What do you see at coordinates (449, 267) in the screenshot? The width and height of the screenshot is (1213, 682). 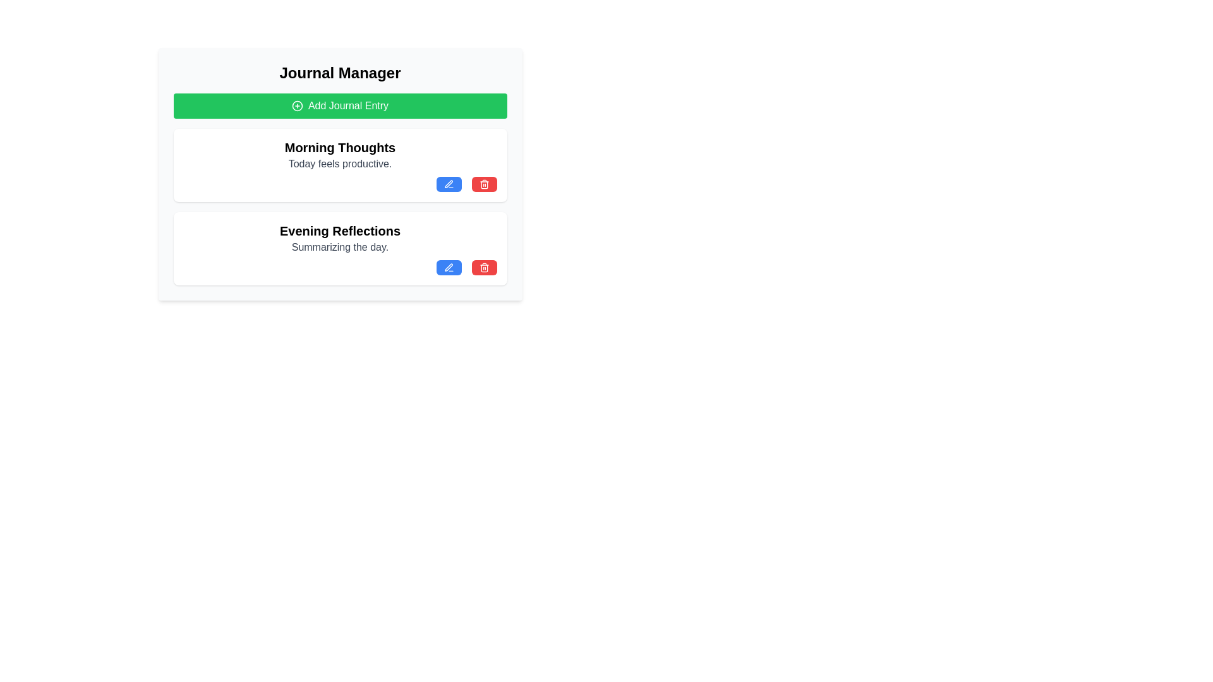 I see `the edit button associated with the 'Evening Reflections' journal entry` at bounding box center [449, 267].